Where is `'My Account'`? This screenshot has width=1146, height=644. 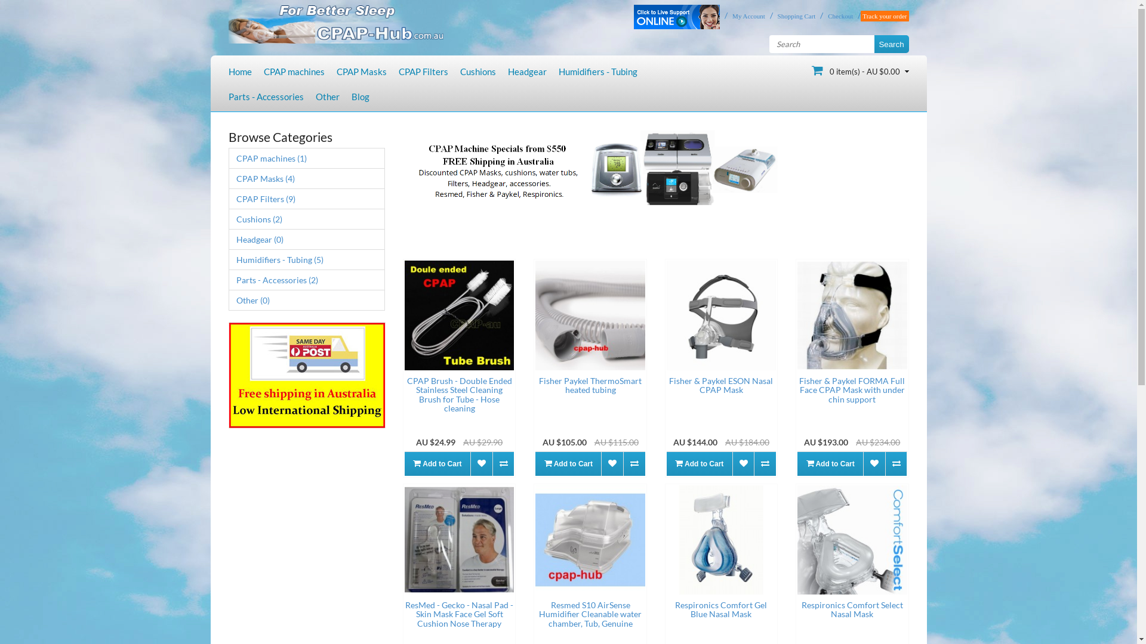
'My Account' is located at coordinates (745, 16).